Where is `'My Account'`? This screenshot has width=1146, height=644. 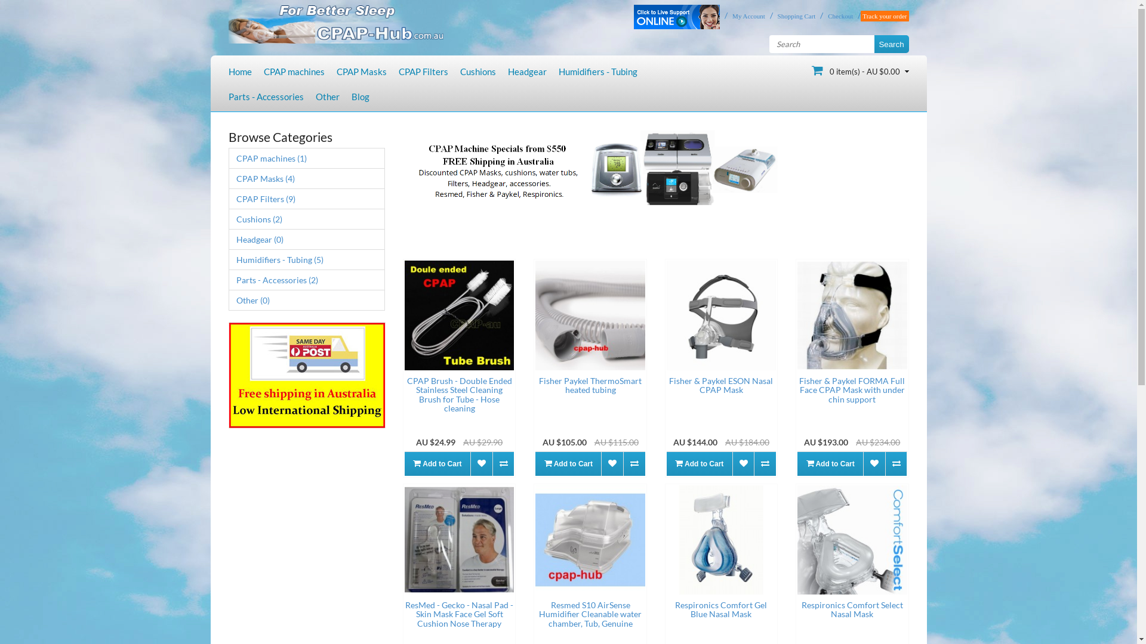
'My Account' is located at coordinates (745, 16).